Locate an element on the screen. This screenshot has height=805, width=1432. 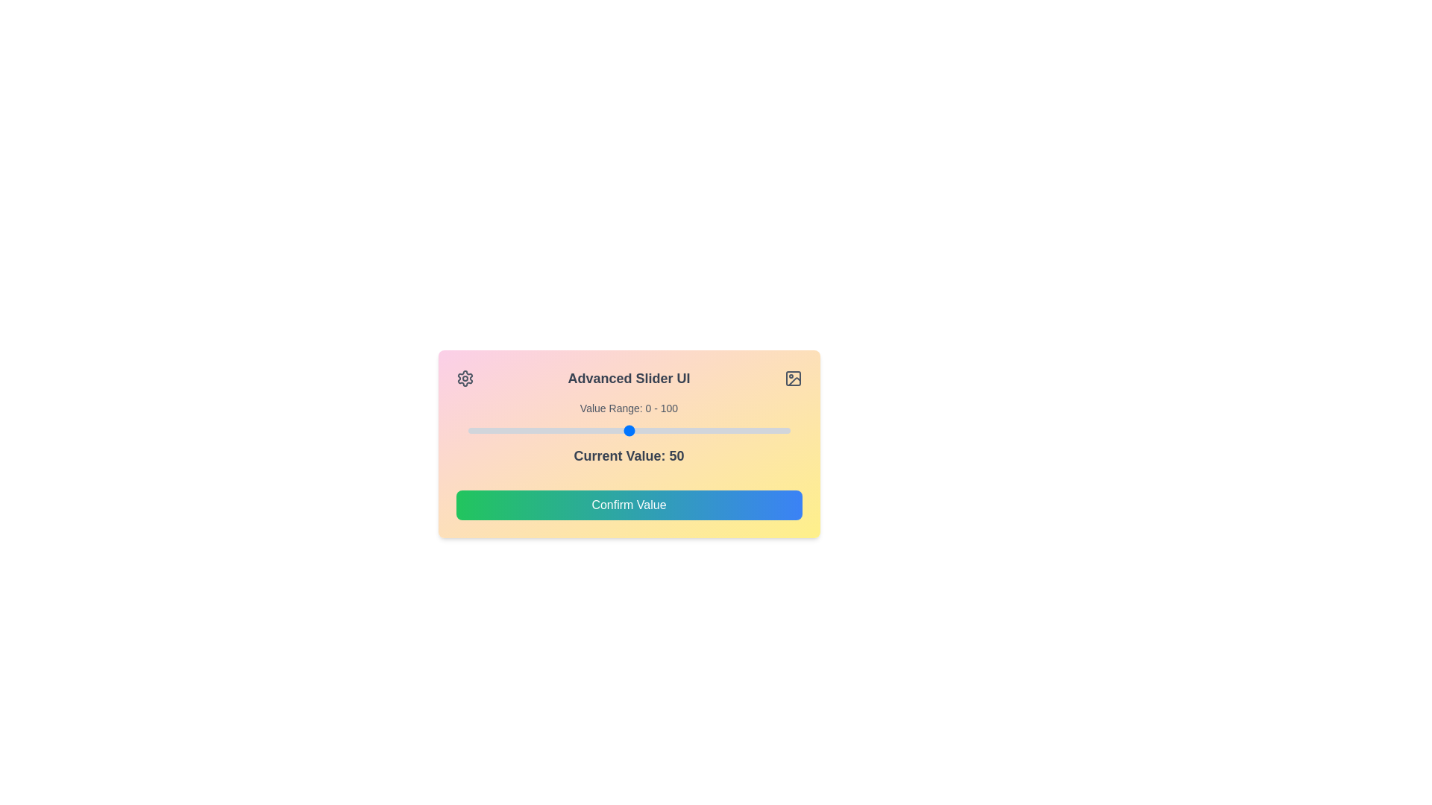
'Confirm Value' button to submit the current slider value is located at coordinates (629, 505).